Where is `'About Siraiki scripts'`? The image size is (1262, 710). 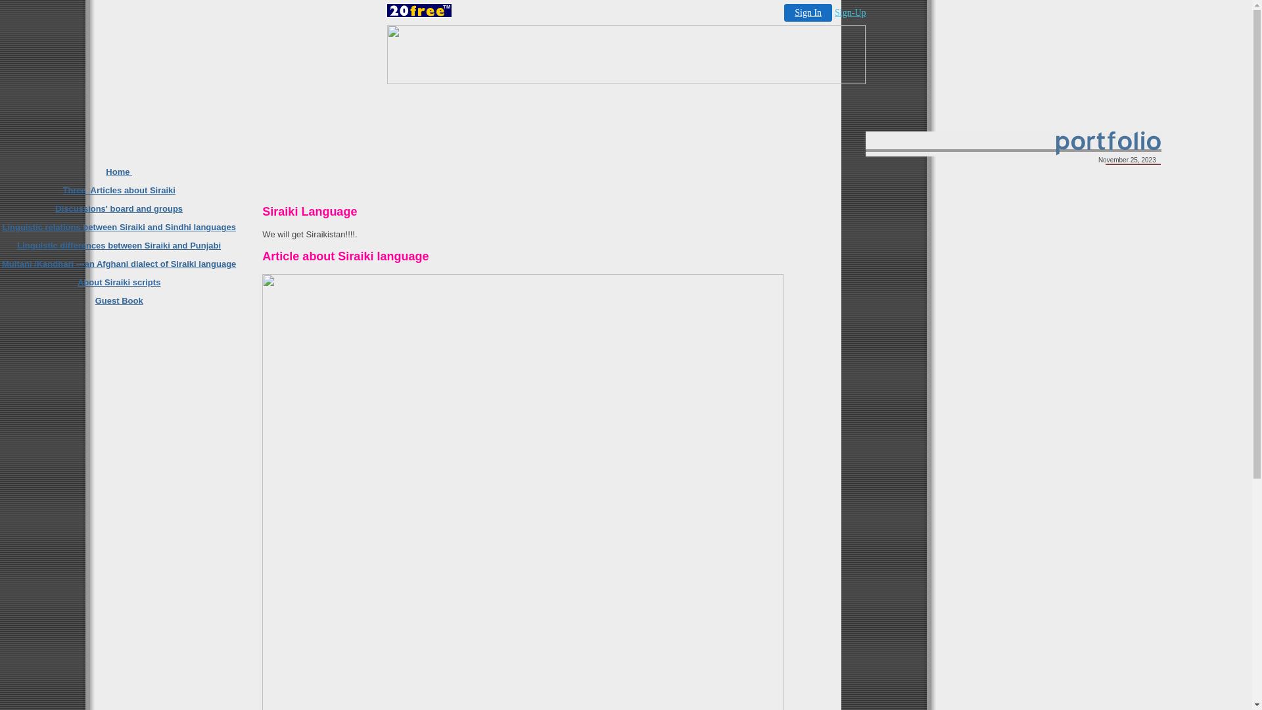 'About Siraiki scripts' is located at coordinates (119, 281).